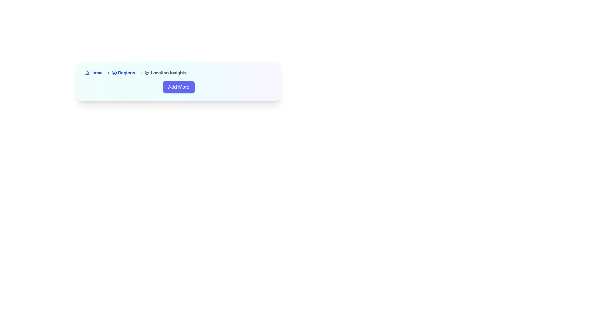 The height and width of the screenshot is (335, 595). I want to click on the 'Location Insights' breadcrumb label, which is the third item in the breadcrumb navigation bar and is styled in a medium-sized gray font, located to the right of the 'Regions' breadcrumb, so click(165, 73).